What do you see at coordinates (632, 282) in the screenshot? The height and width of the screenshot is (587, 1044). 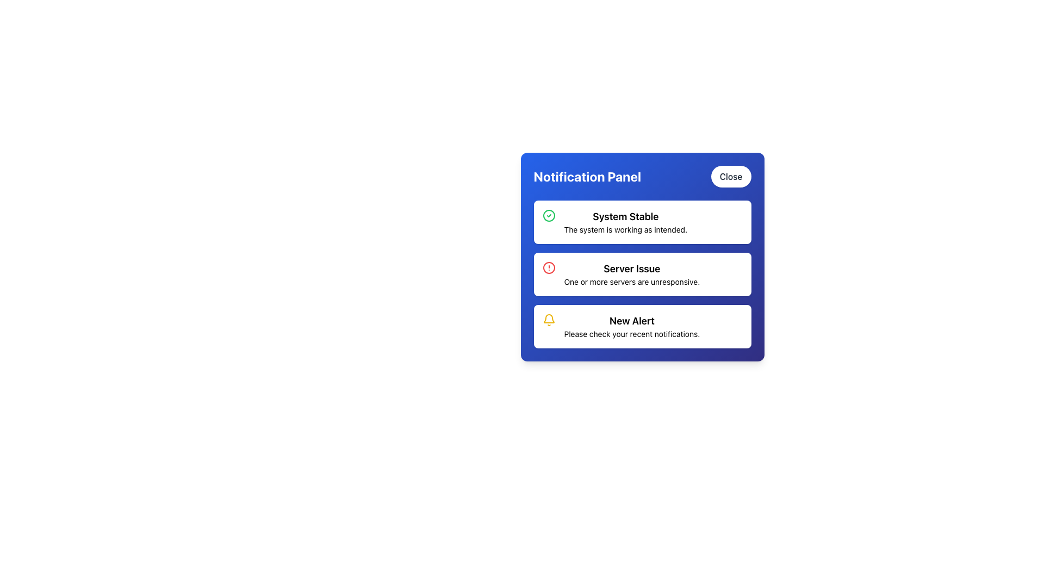 I see `the text notification message stating 'One or more servers are unresponsive.' located beneath the 'Server Issue' heading in the notification panel` at bounding box center [632, 282].